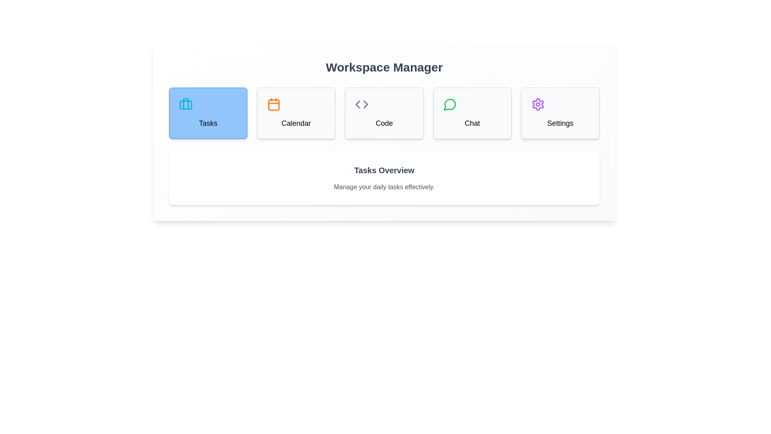  Describe the element at coordinates (560, 113) in the screenshot. I see `the settings button located at the far right of the horizontally aligned list of buttons` at that location.